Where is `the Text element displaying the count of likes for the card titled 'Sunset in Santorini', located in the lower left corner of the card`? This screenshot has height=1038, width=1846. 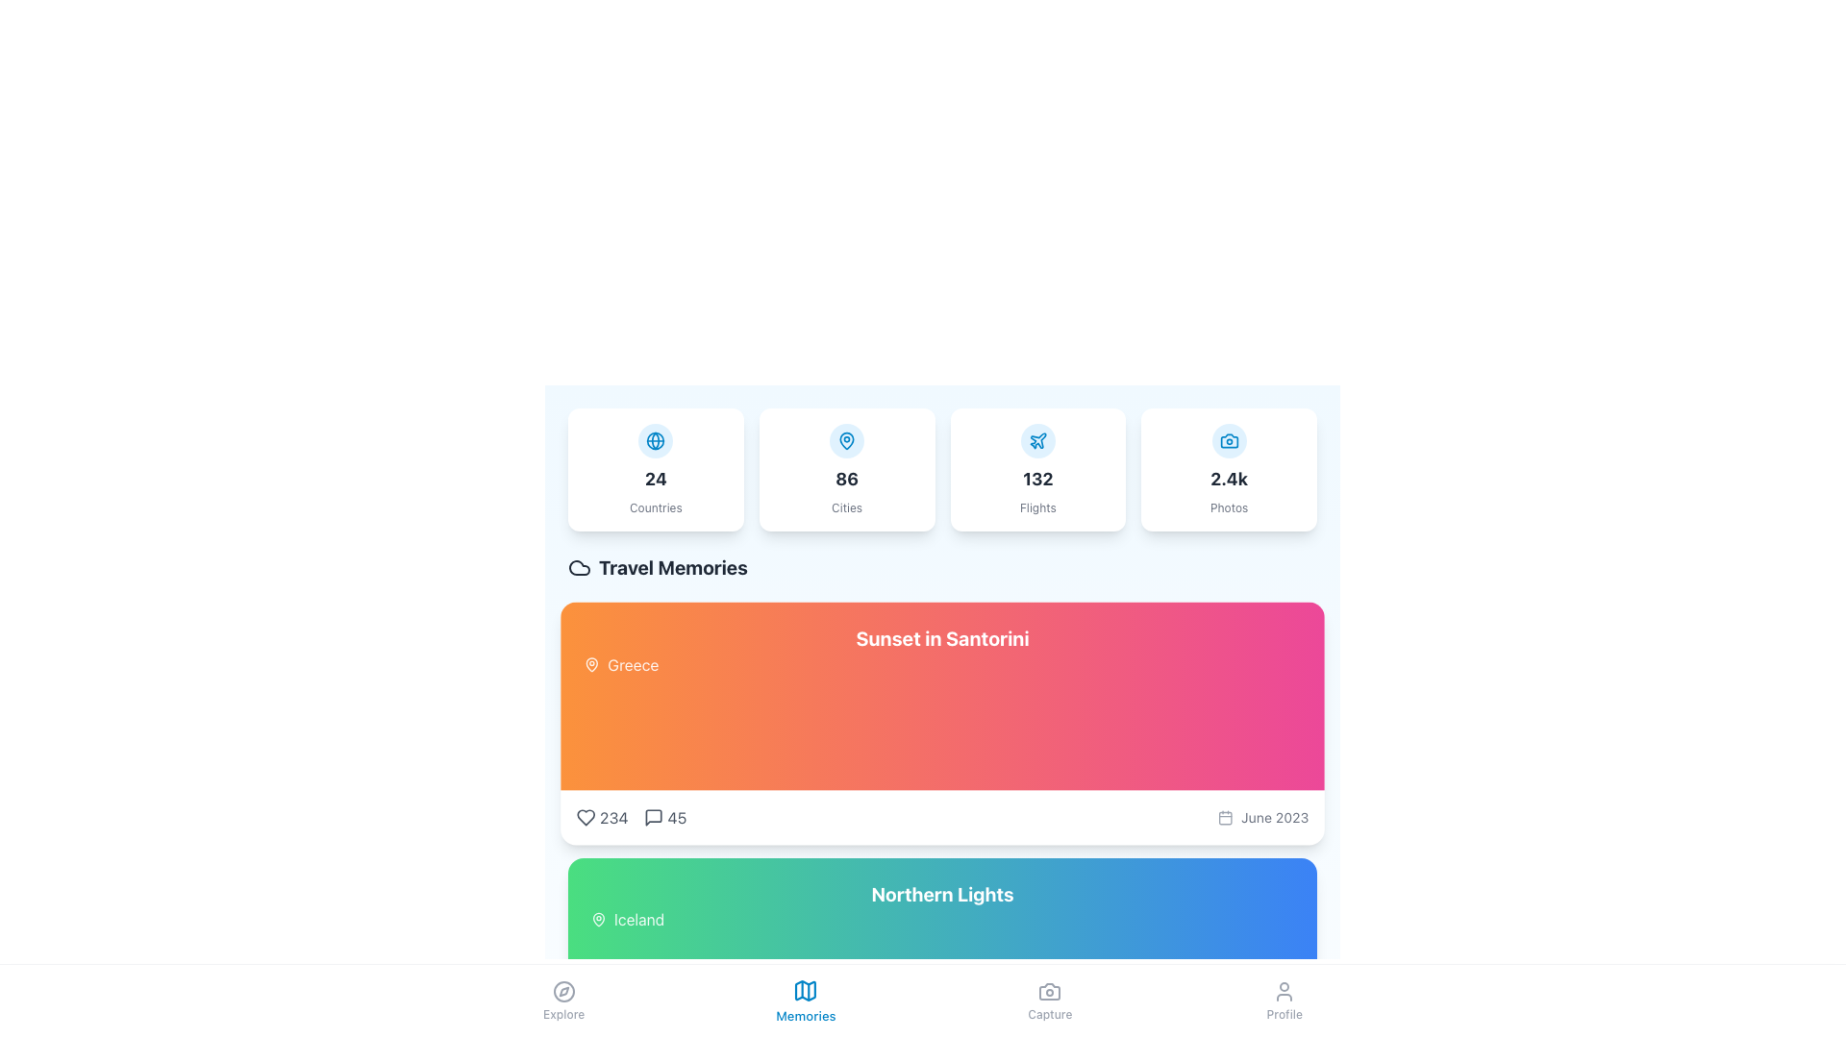 the Text element displaying the count of likes for the card titled 'Sunset in Santorini', located in the lower left corner of the card is located at coordinates (612, 817).